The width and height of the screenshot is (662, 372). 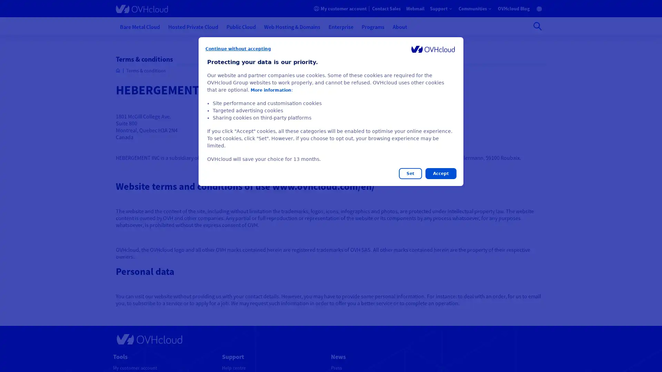 I want to click on Set, so click(x=410, y=173).